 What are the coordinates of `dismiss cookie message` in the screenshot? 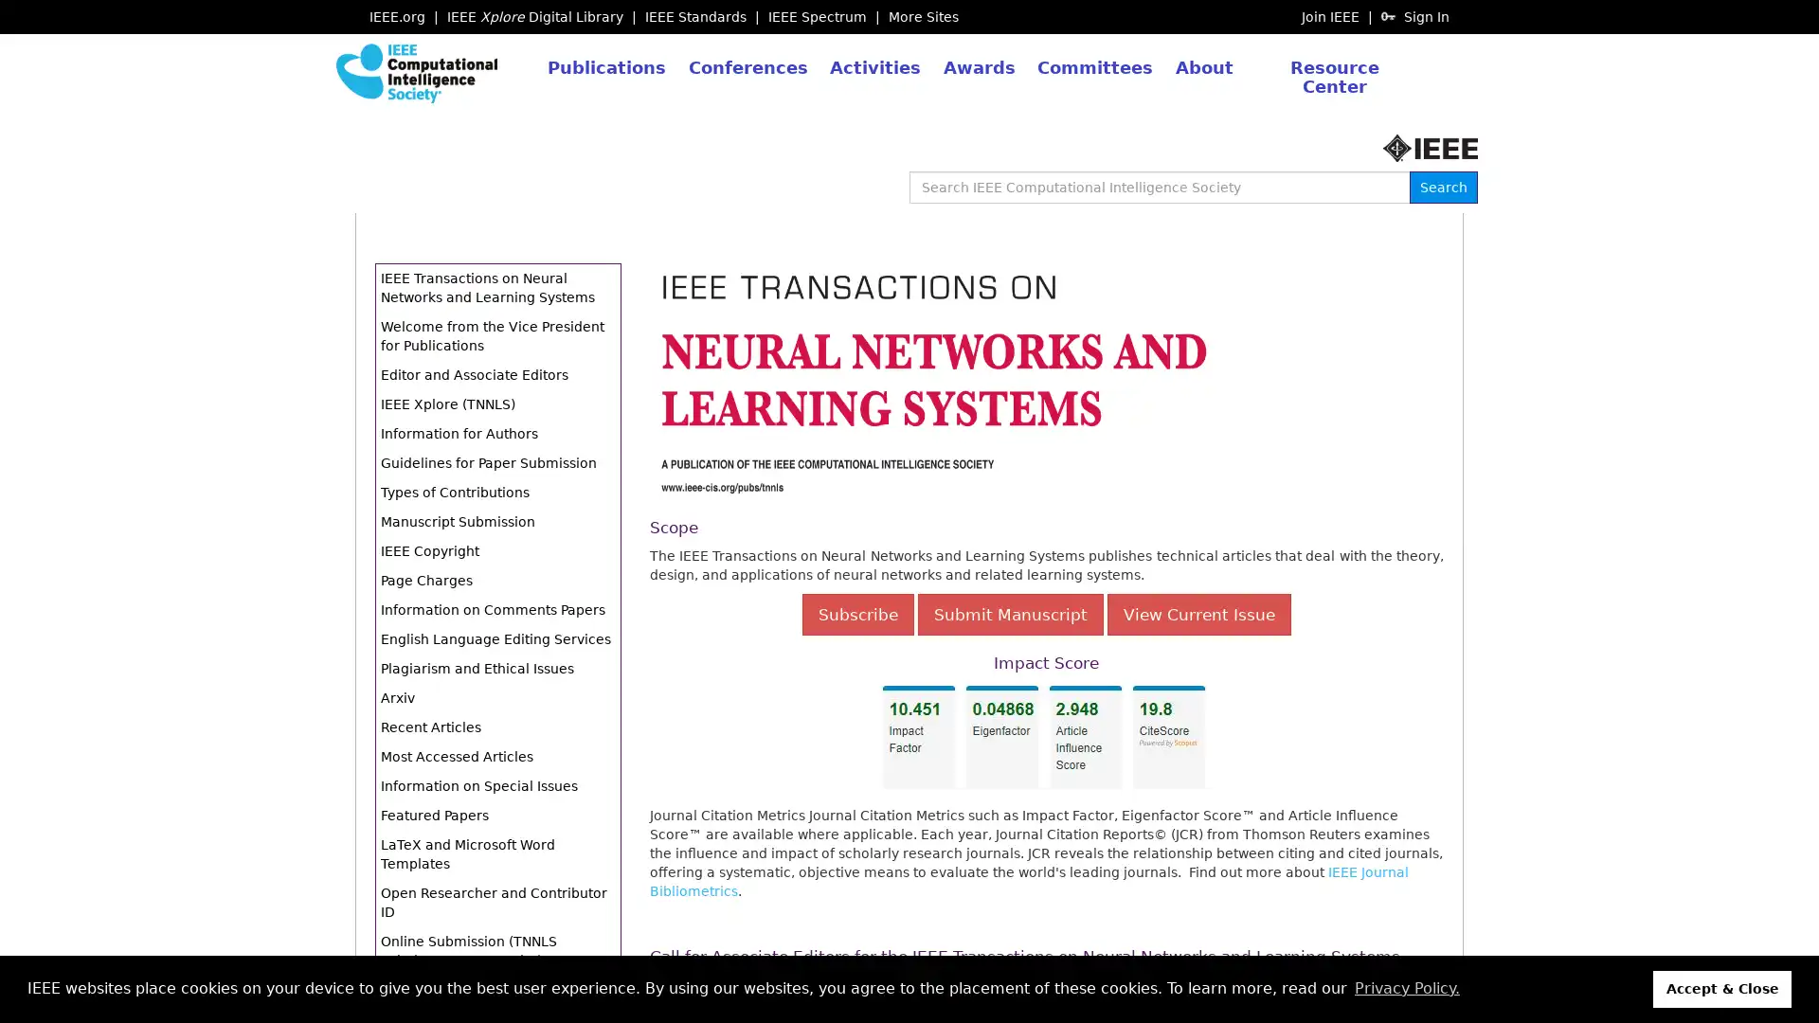 It's located at (1722, 988).